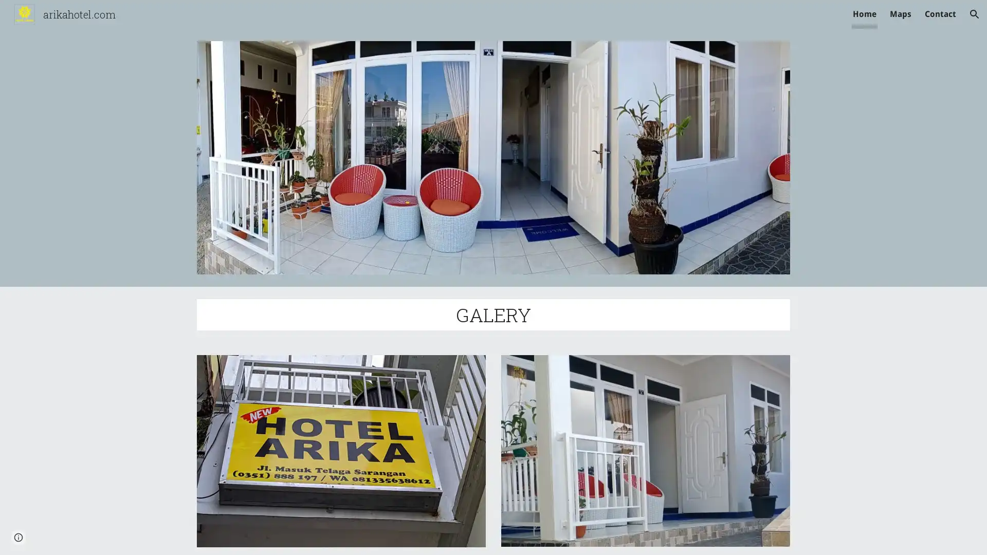  I want to click on Google Sites, so click(79, 536).